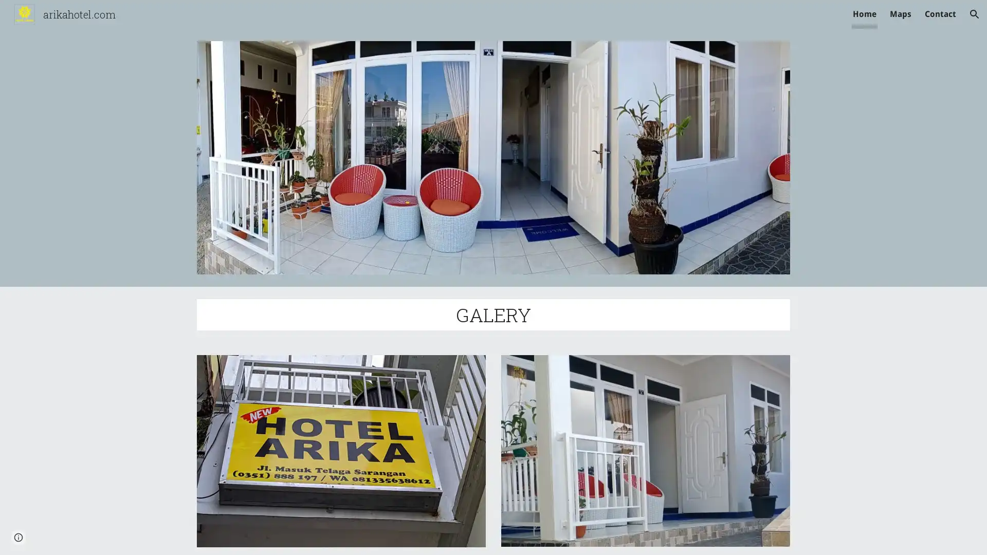  I want to click on Google Sites, so click(79, 536).